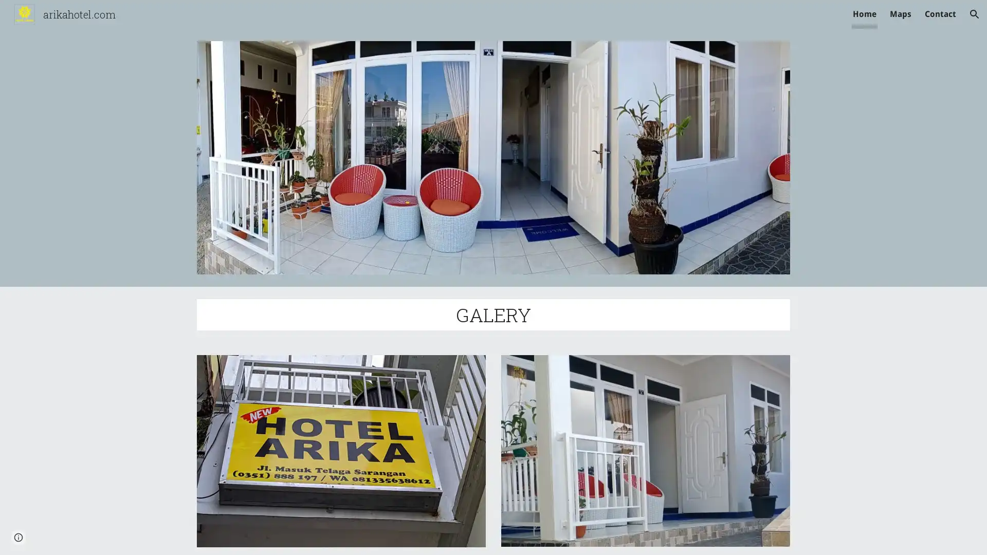  I want to click on Google Sites, so click(79, 536).